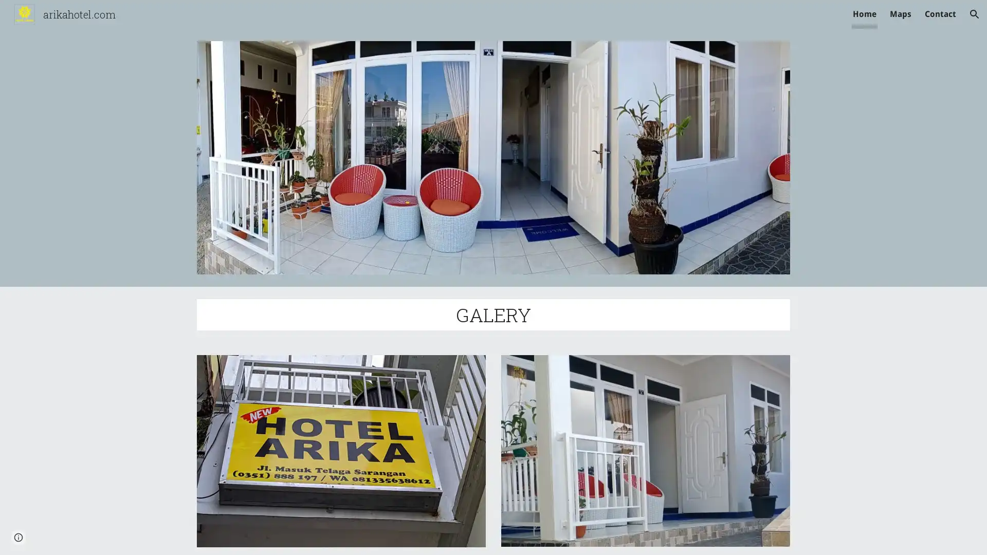  I want to click on Google Sites, so click(79, 536).